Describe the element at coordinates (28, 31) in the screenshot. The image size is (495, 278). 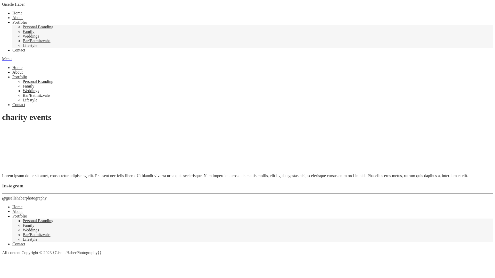
I see `'Family'` at that location.